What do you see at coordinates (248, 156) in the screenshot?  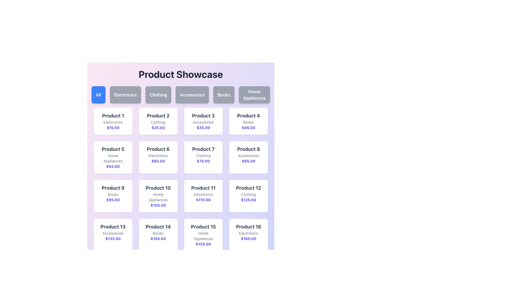 I see `text label indicating the 'Accessories' category for 'Product 8', which is positioned below the product name and above the price within the card layout` at bounding box center [248, 156].